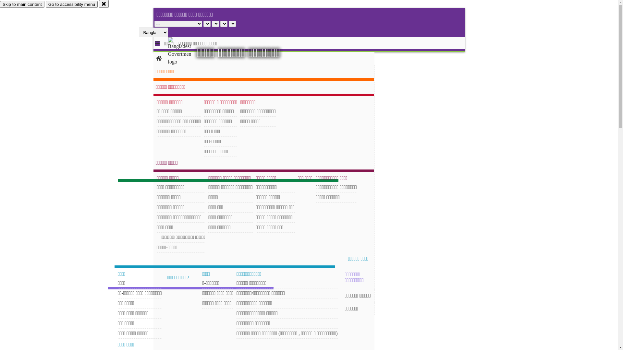 This screenshot has height=350, width=623. What do you see at coordinates (22, 4) in the screenshot?
I see `'Skip to main content'` at bounding box center [22, 4].